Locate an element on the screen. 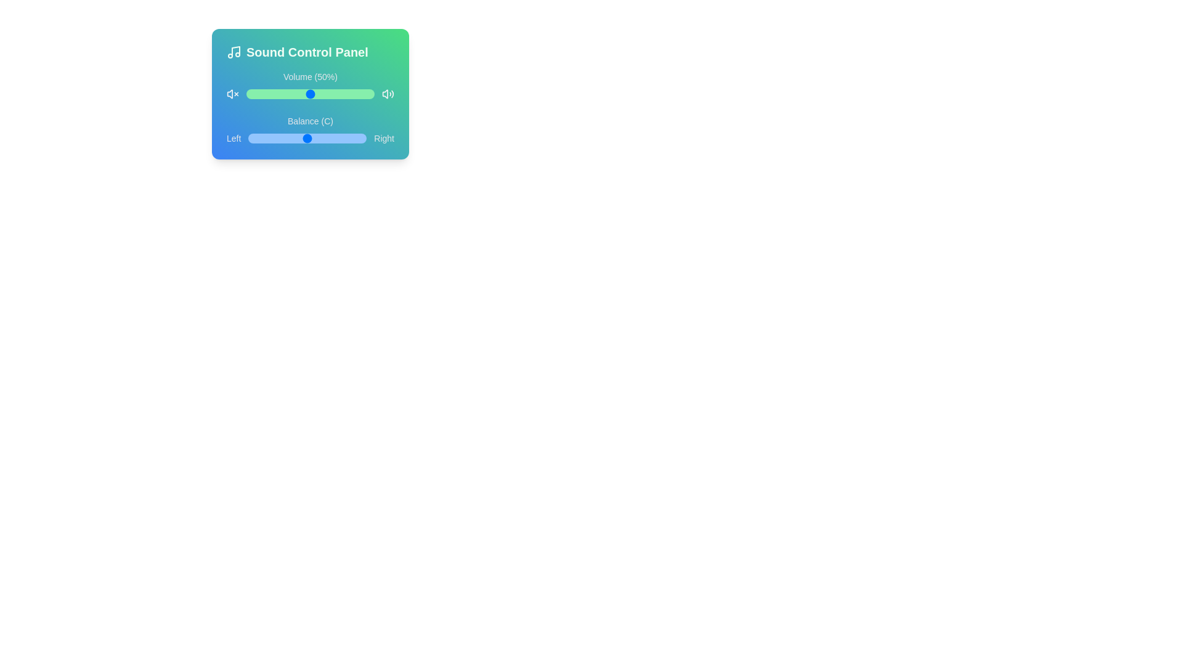 This screenshot has width=1183, height=665. the balance is located at coordinates (251, 138).